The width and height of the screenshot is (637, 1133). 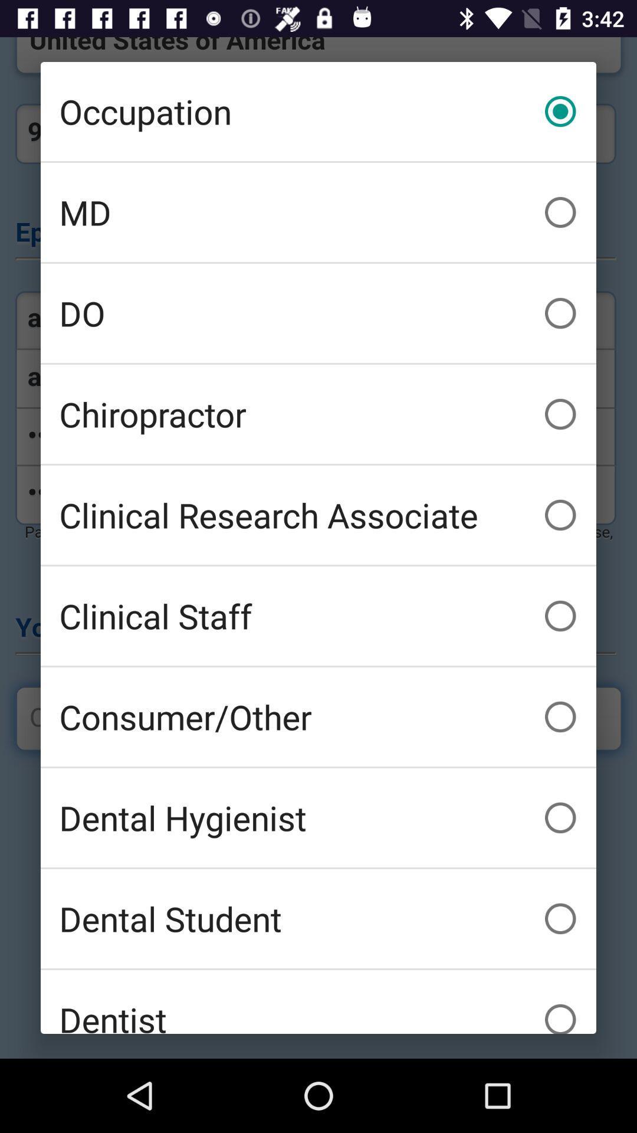 I want to click on the dental student, so click(x=318, y=918).